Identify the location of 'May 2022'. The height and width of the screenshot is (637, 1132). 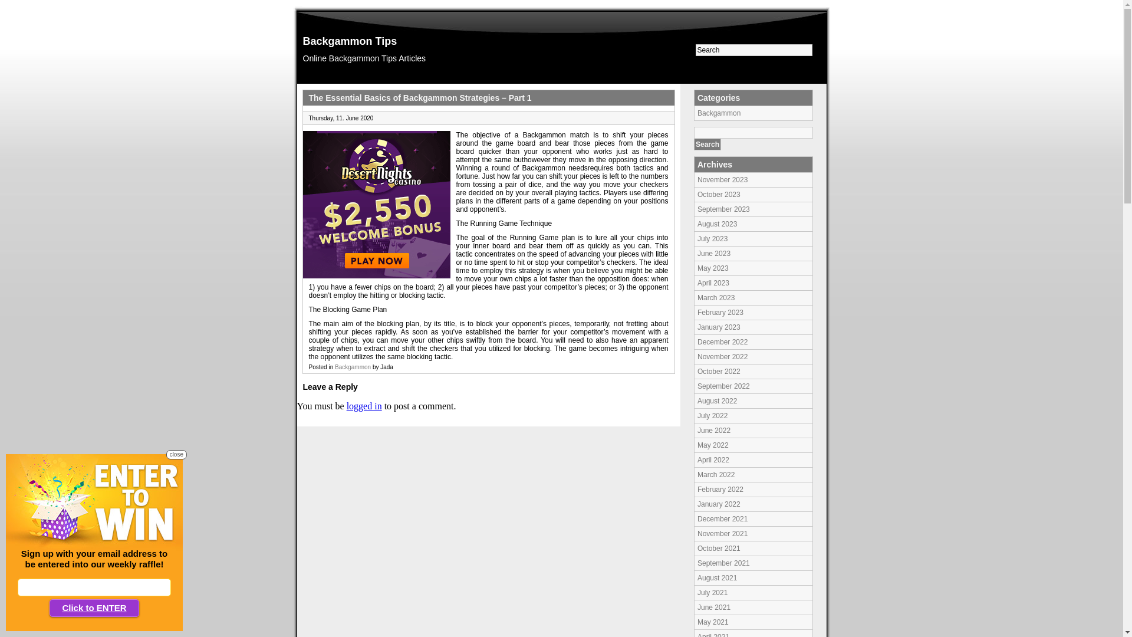
(697, 445).